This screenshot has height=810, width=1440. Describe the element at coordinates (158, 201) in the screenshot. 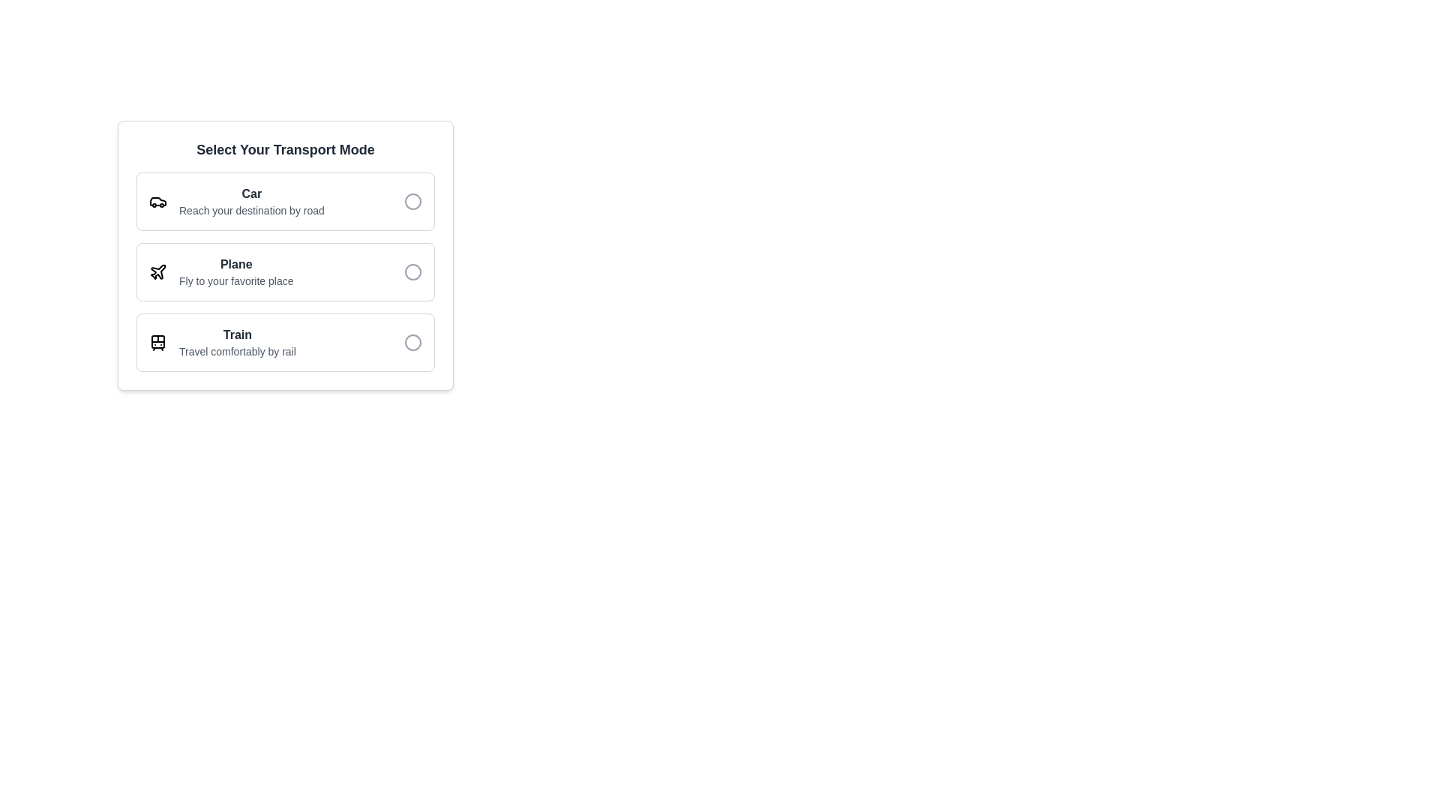

I see `the 'Car' transport mode icon` at that location.